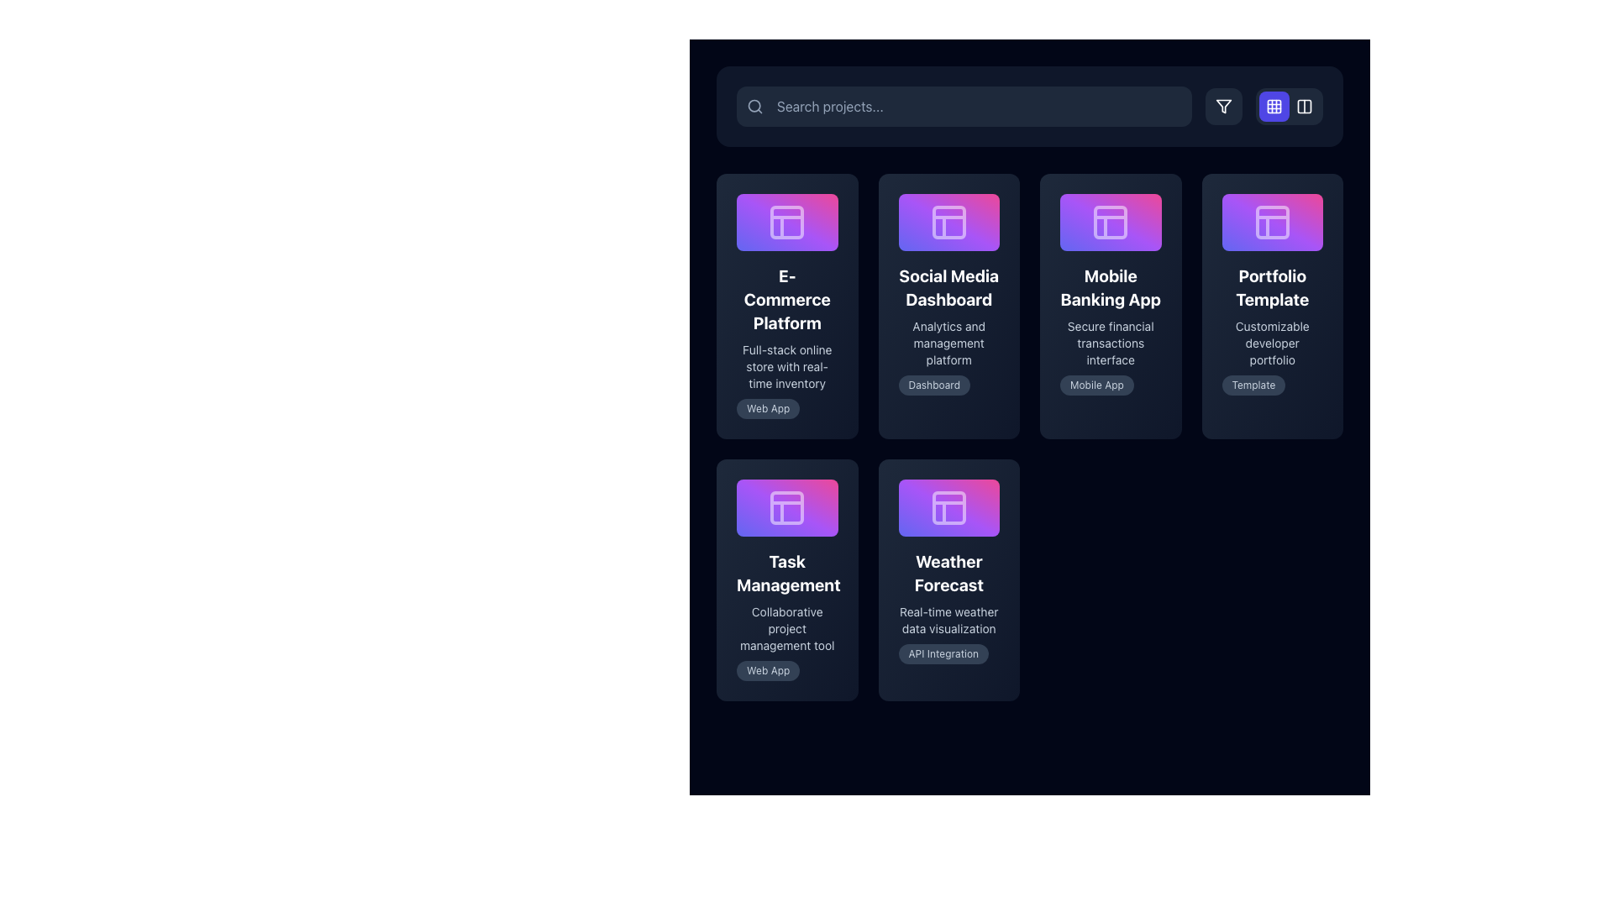 The width and height of the screenshot is (1613, 907). I want to click on the label with the text 'Template', styled with a small rounded dark gray background and light gray text, located at the bottom of the 'Portfolio Template' card in the top-right corner of the grid, so click(1253, 385).